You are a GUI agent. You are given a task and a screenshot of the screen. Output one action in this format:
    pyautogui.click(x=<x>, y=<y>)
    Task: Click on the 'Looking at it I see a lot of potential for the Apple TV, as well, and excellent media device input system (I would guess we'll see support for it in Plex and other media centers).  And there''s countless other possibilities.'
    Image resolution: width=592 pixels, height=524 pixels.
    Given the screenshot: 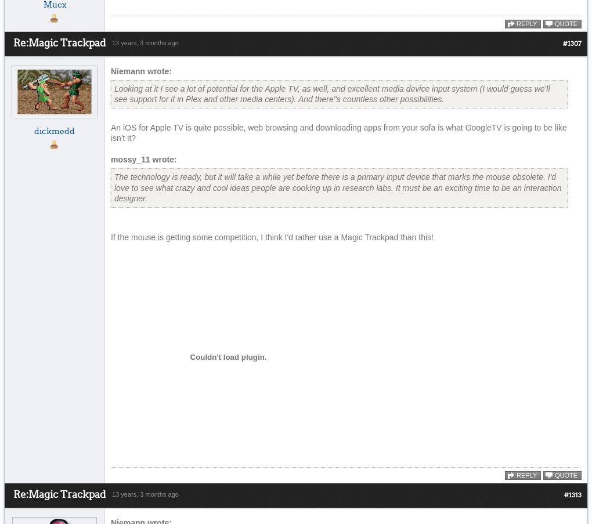 What is the action you would take?
    pyautogui.click(x=332, y=93)
    